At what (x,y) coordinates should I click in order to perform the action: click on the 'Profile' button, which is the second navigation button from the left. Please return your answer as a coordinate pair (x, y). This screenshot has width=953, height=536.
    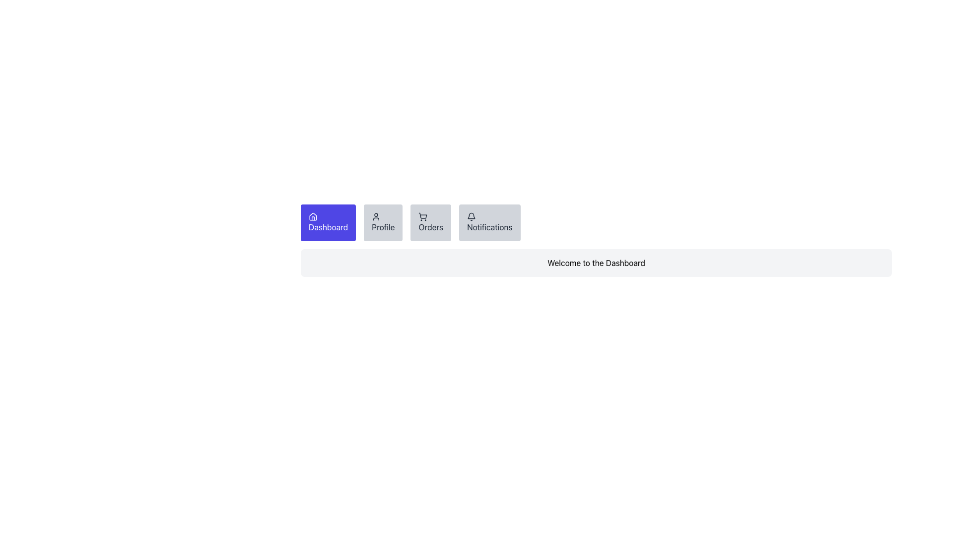
    Looking at the image, I should click on (376, 216).